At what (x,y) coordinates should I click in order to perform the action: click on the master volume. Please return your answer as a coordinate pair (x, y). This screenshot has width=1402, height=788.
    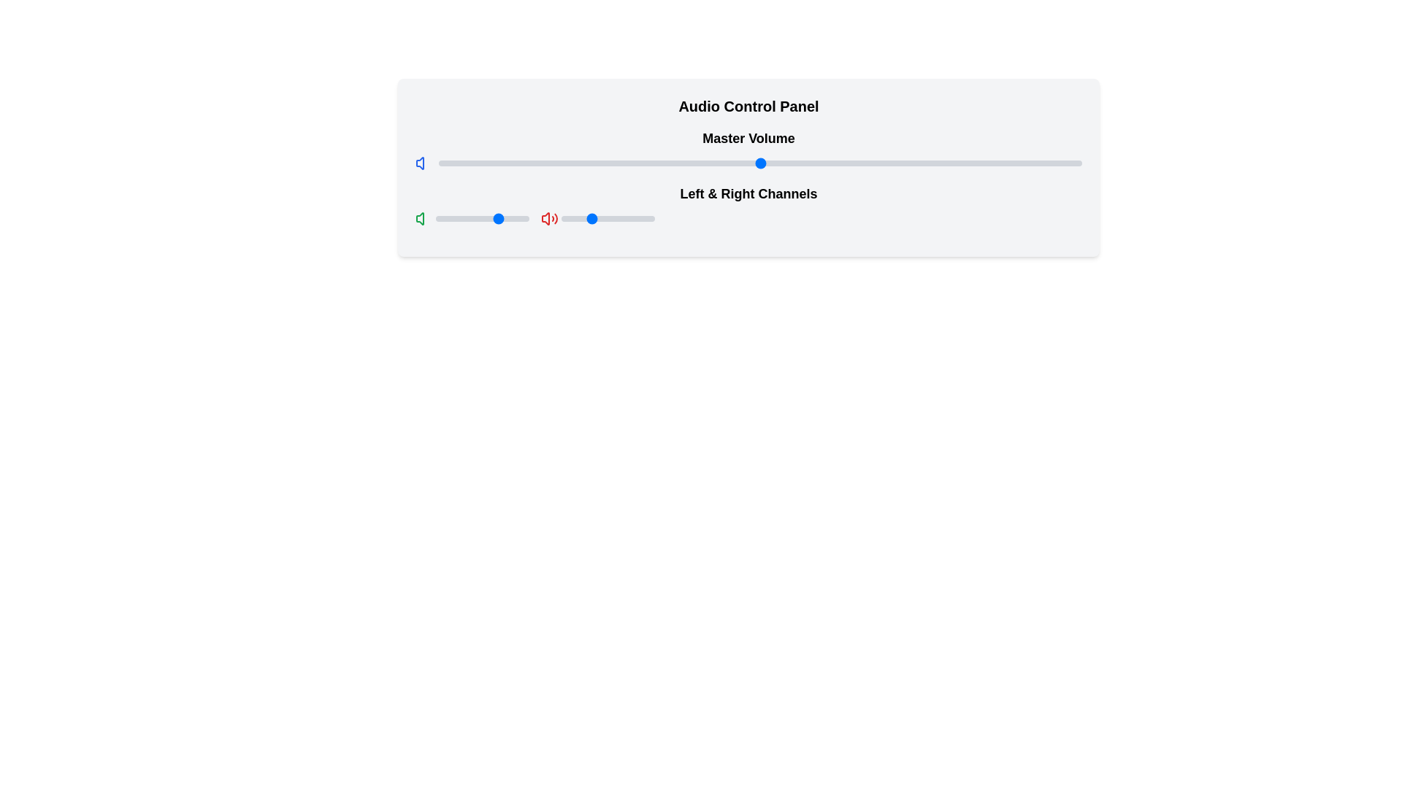
    Looking at the image, I should click on (966, 163).